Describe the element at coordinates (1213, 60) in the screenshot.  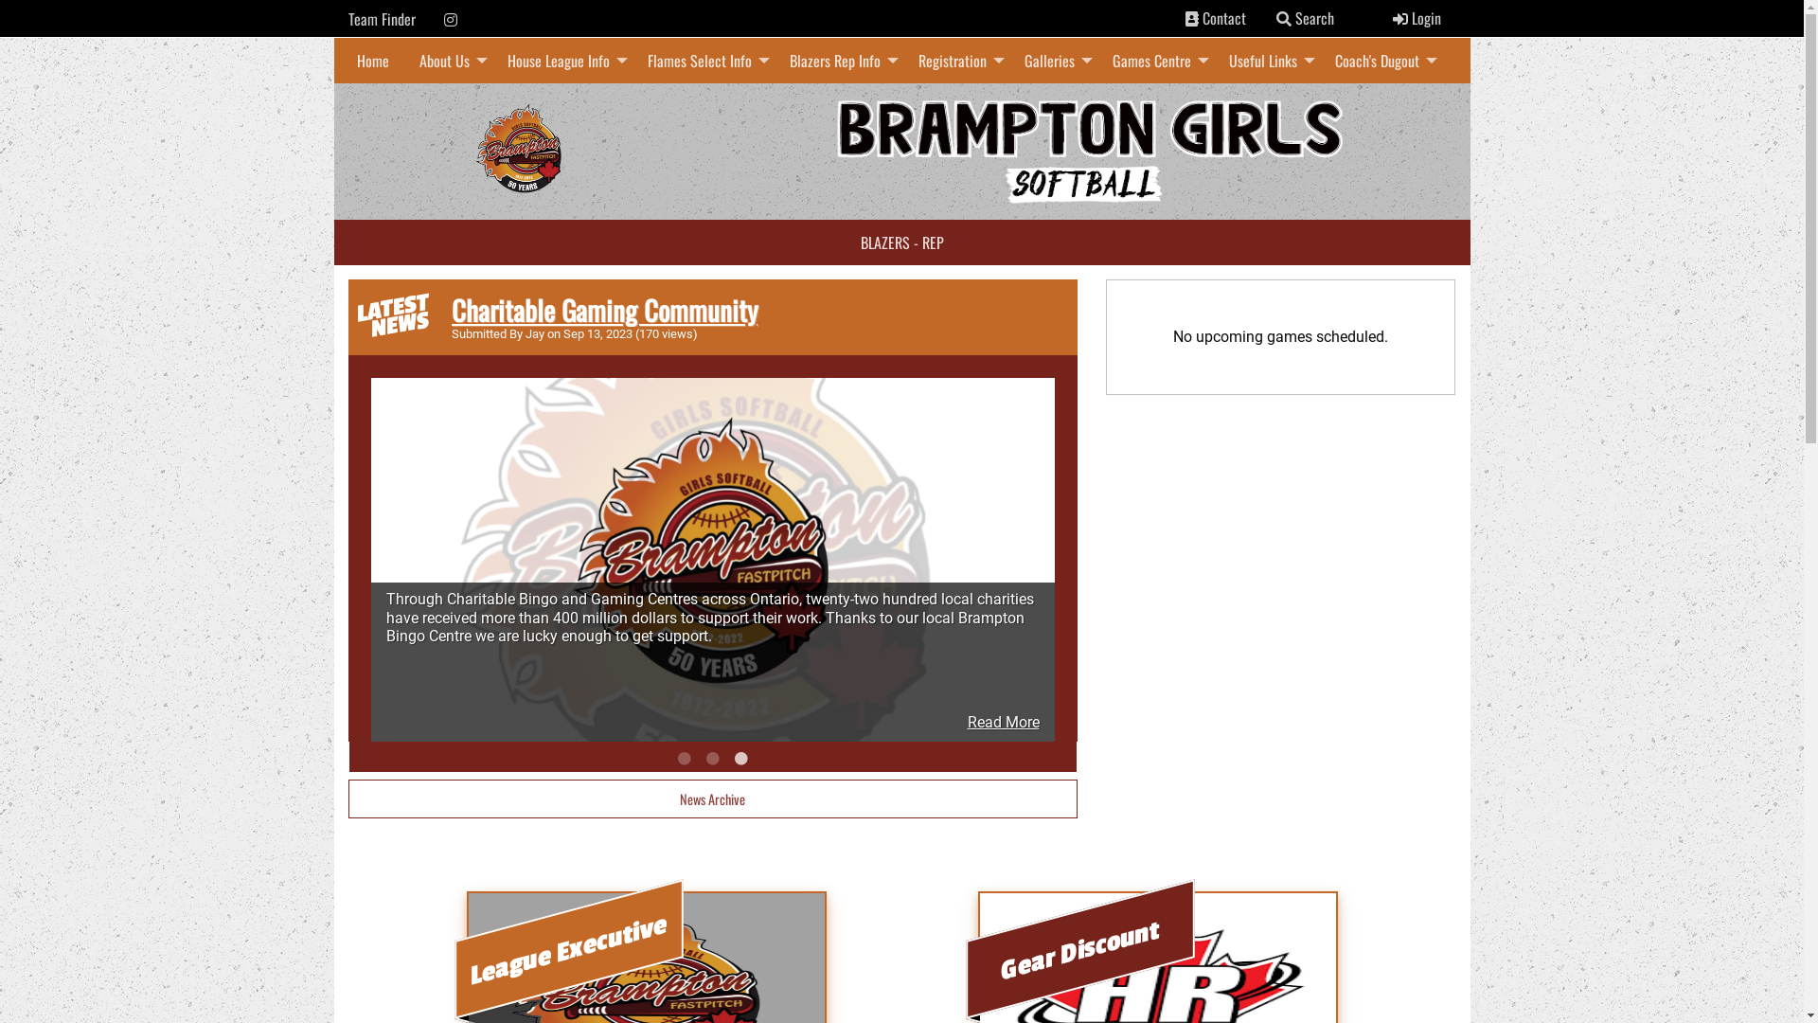
I see `'Useful Links'` at that location.